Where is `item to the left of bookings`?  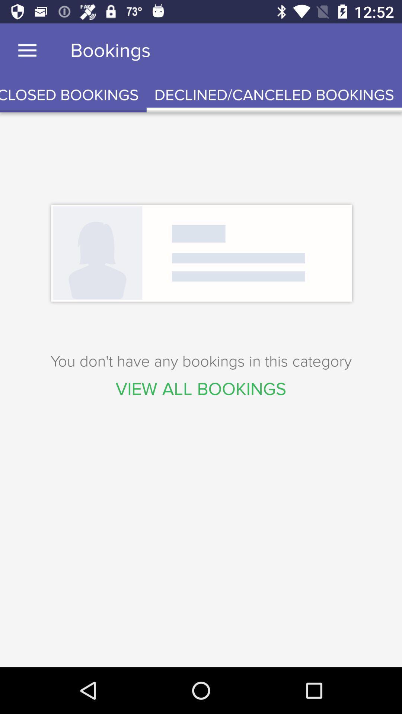
item to the left of bookings is located at coordinates (27, 50).